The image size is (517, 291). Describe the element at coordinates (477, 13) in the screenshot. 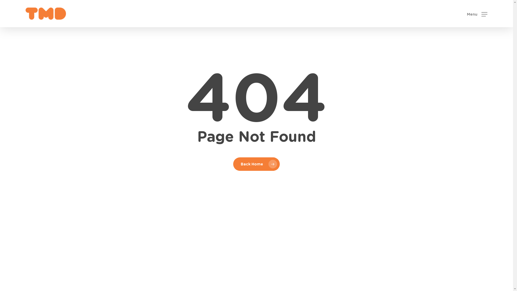

I see `'Menu'` at that location.